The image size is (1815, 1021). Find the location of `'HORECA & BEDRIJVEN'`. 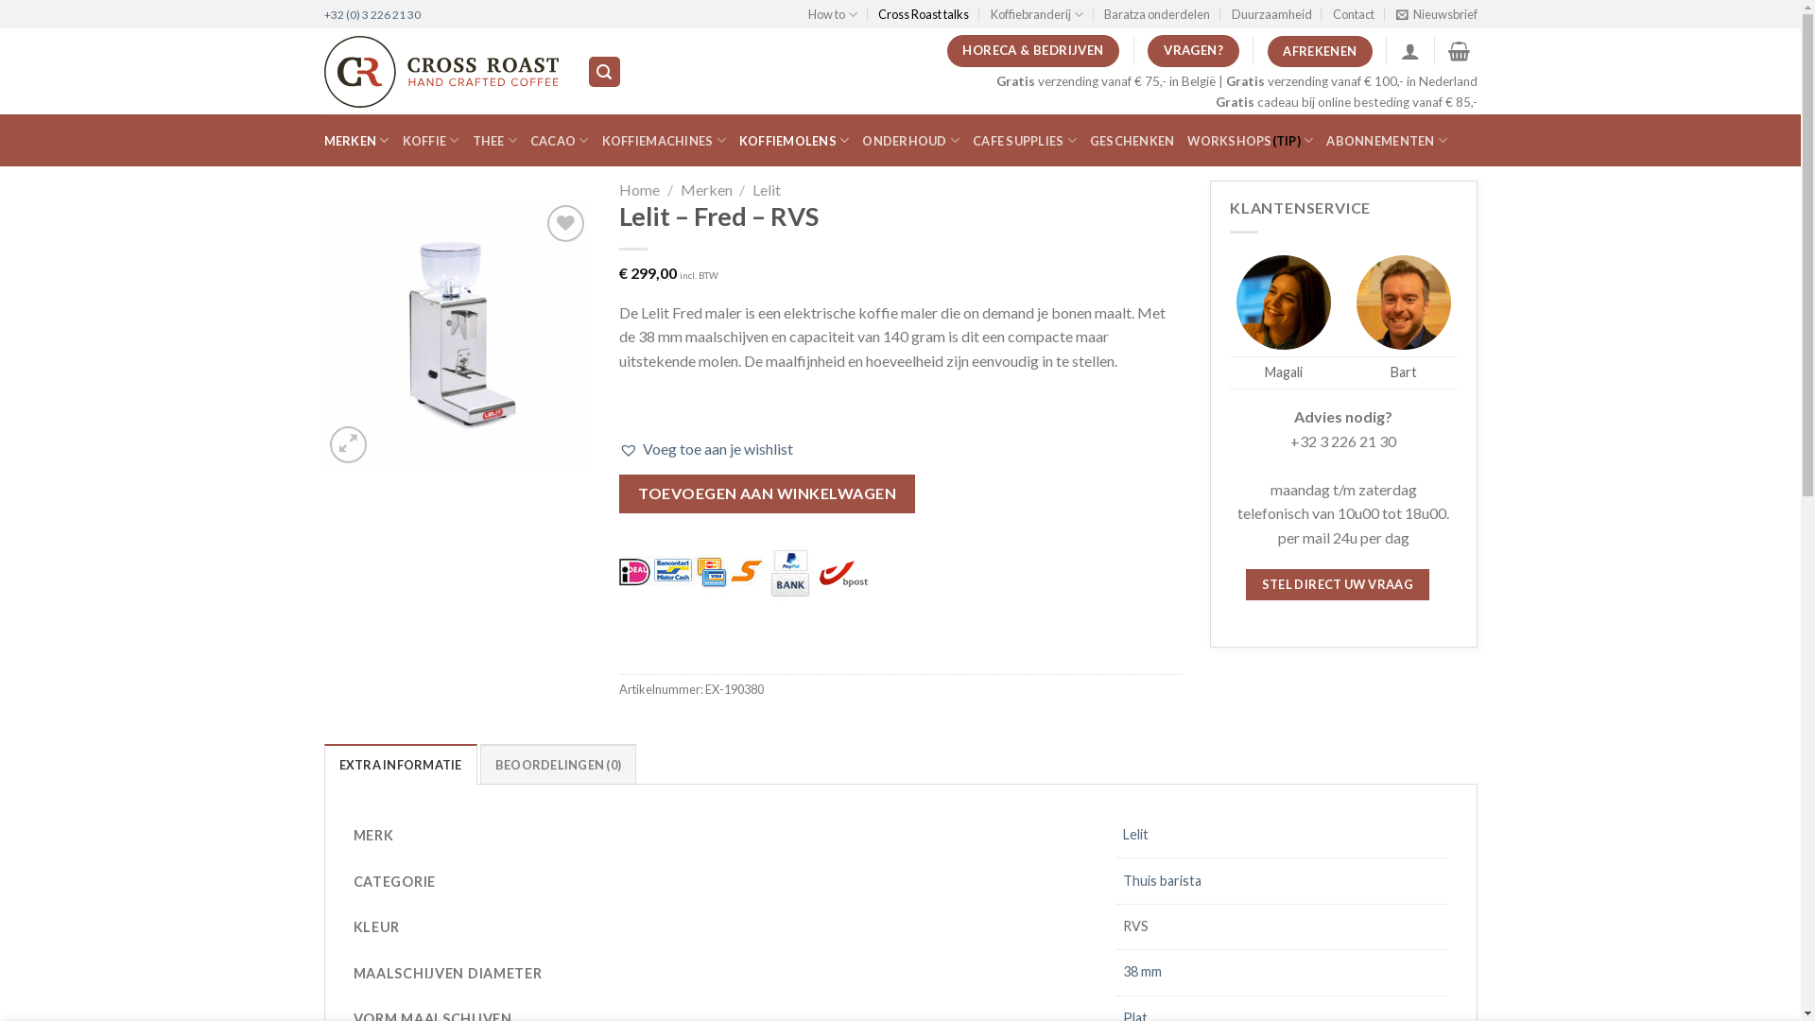

'HORECA & BEDRIJVEN' is located at coordinates (1032, 50).